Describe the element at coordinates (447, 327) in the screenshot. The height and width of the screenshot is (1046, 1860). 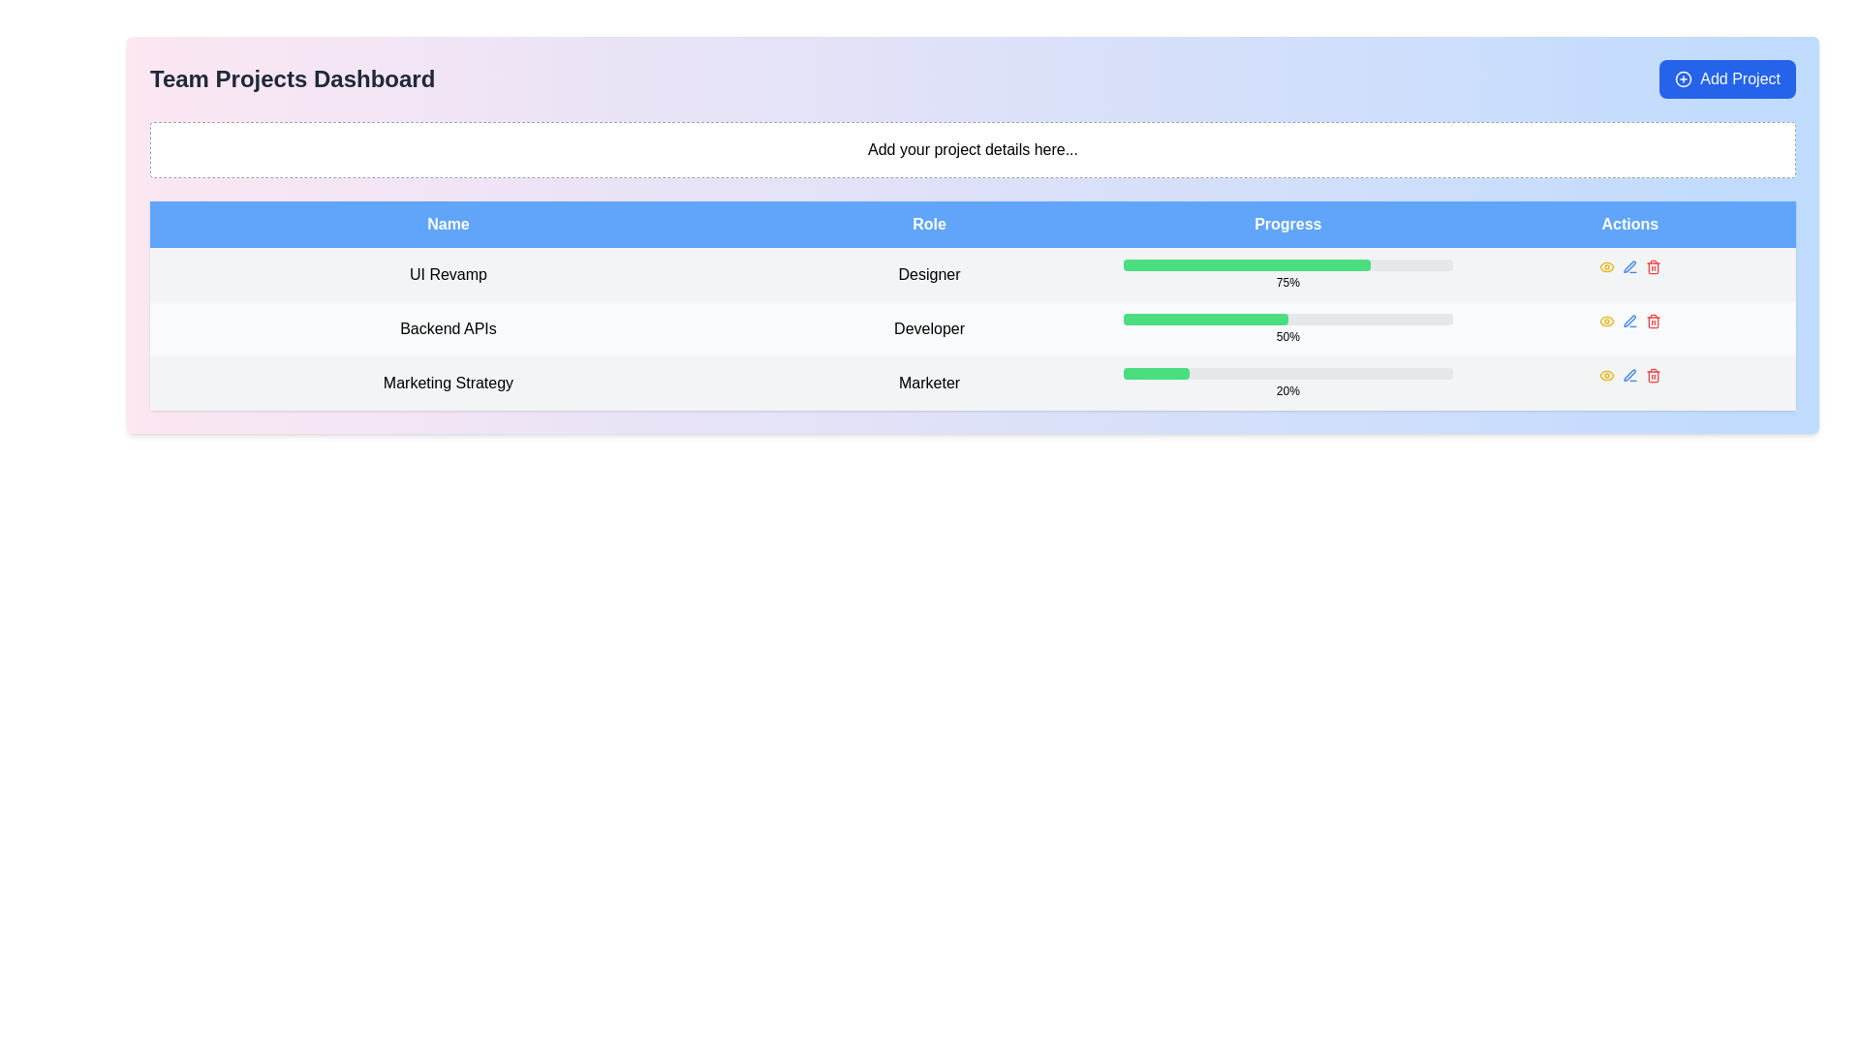
I see `the Label displaying 'Backend APIs' located in the first column of the second row under the 'Name' header in a table-like structure` at that location.